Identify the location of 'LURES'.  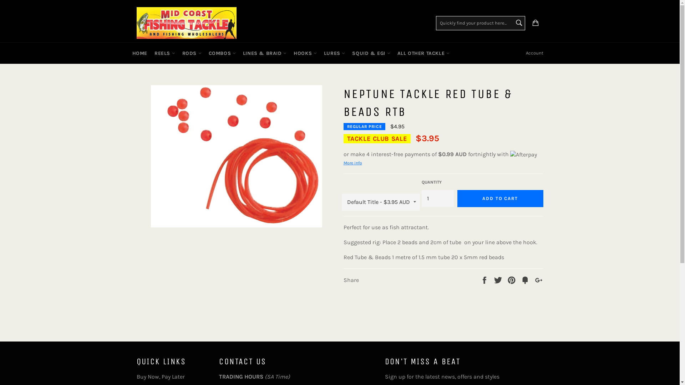
(334, 53).